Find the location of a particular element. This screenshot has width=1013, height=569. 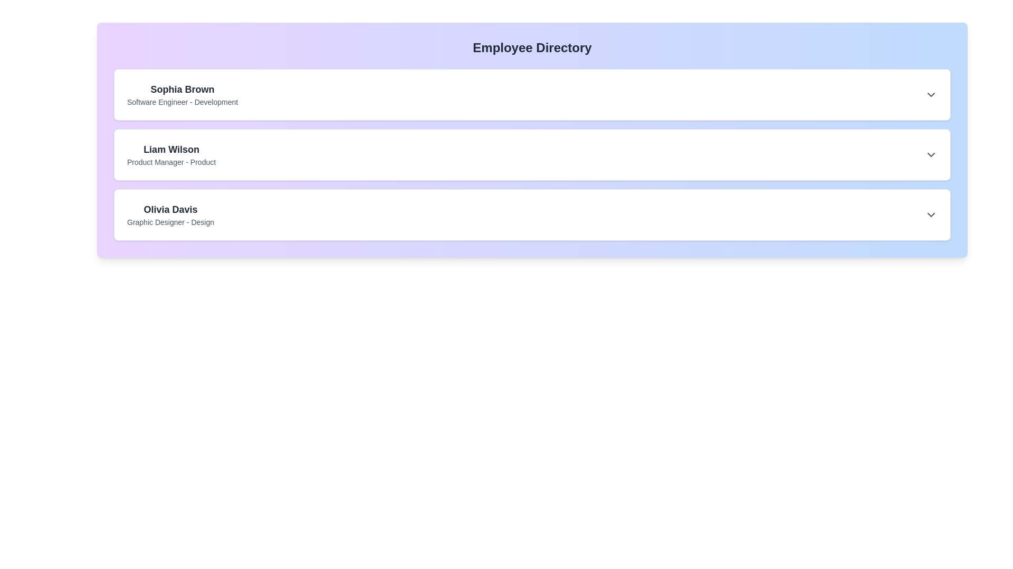

details of the Textual information block displaying 'Sophia Brown' as the title and 'Software Engineer - Development' as the subtitle, which is positioned at the top-left of a card-like structure is located at coordinates (182, 95).